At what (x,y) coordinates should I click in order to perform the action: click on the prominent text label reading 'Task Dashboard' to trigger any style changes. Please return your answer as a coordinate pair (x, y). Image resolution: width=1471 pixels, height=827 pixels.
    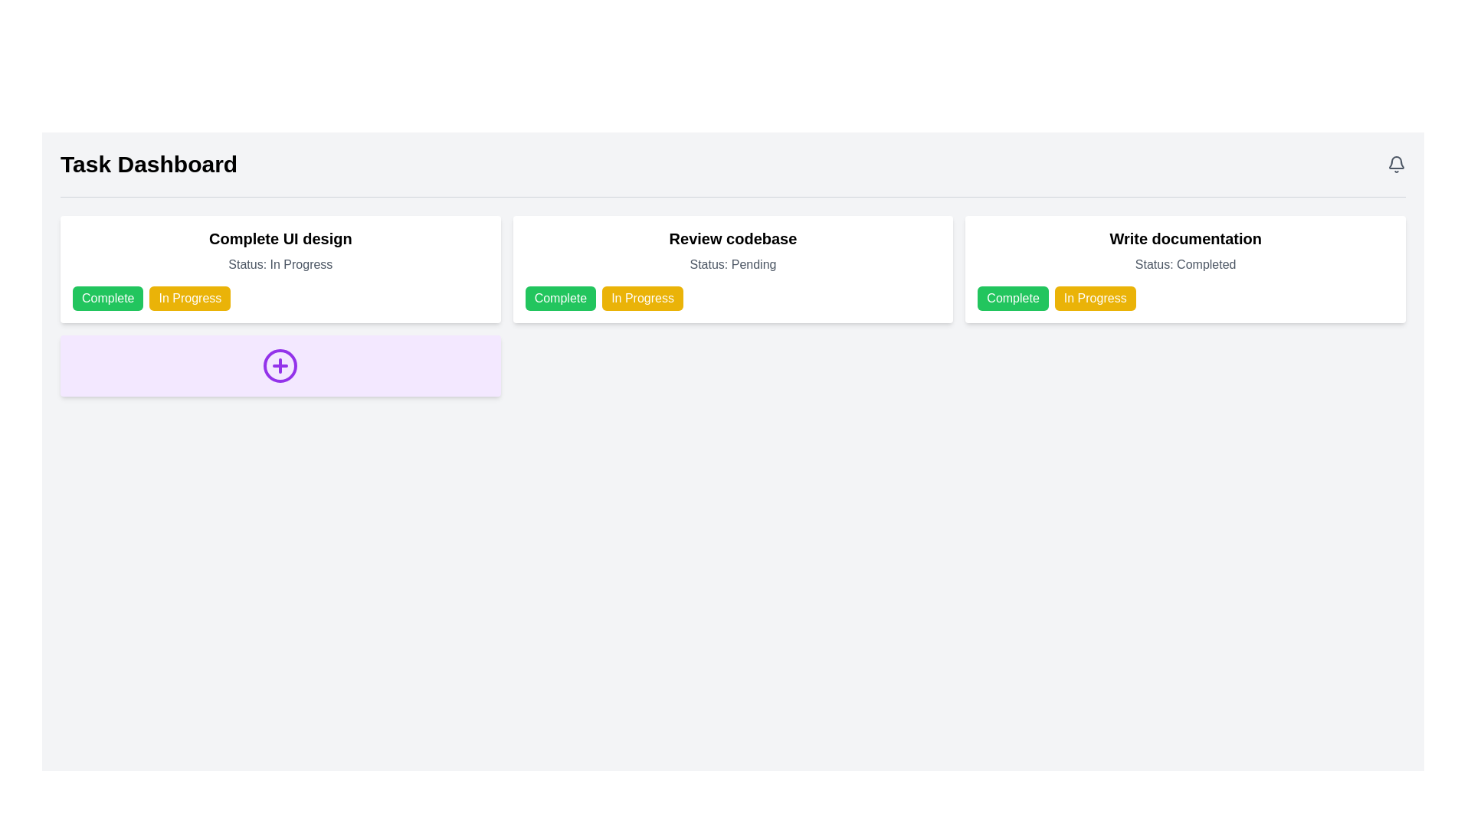
    Looking at the image, I should click on (149, 165).